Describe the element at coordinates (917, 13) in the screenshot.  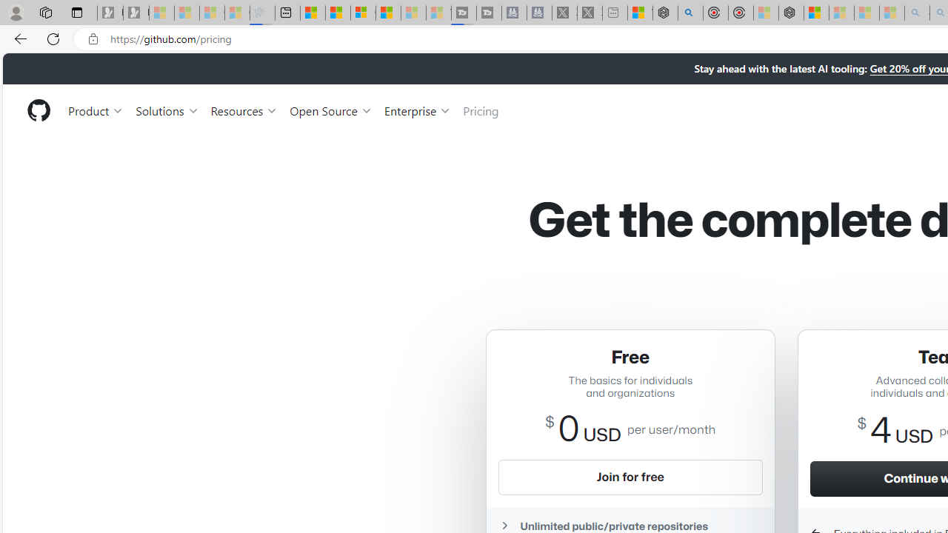
I see `'amazon - Search - Sleeping'` at that location.